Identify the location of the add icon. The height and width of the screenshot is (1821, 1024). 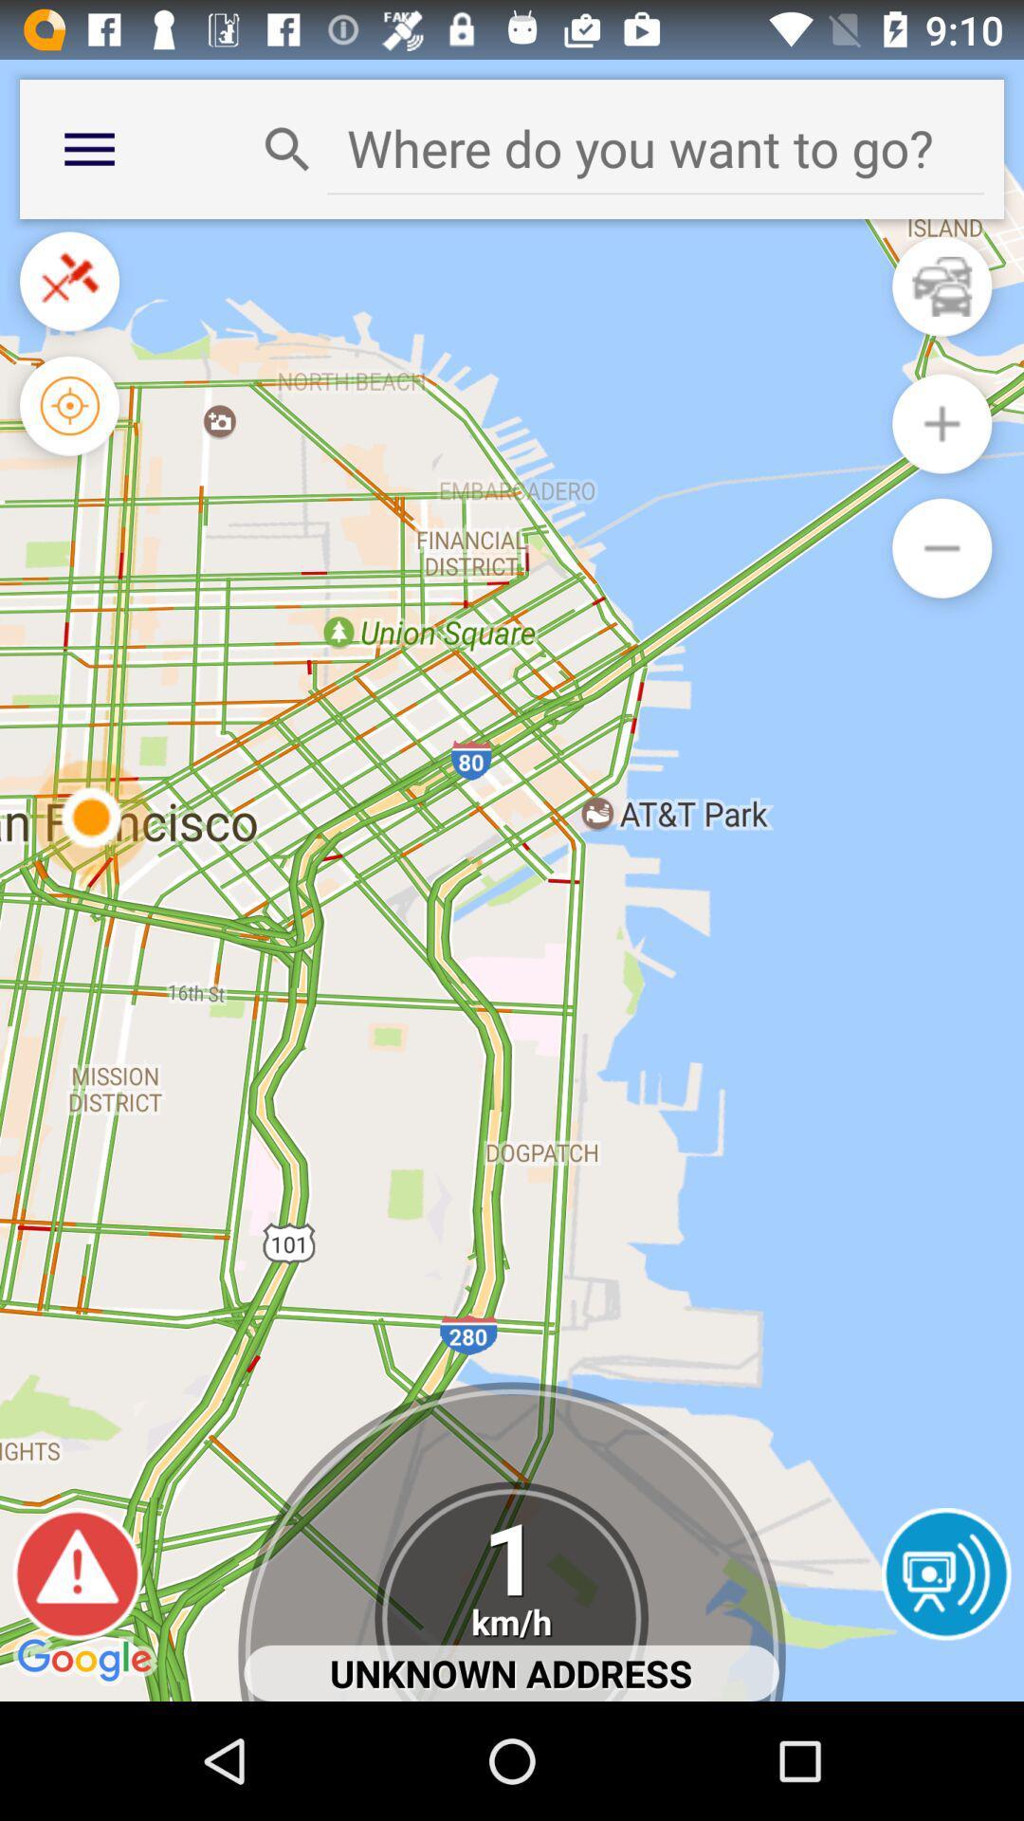
(942, 452).